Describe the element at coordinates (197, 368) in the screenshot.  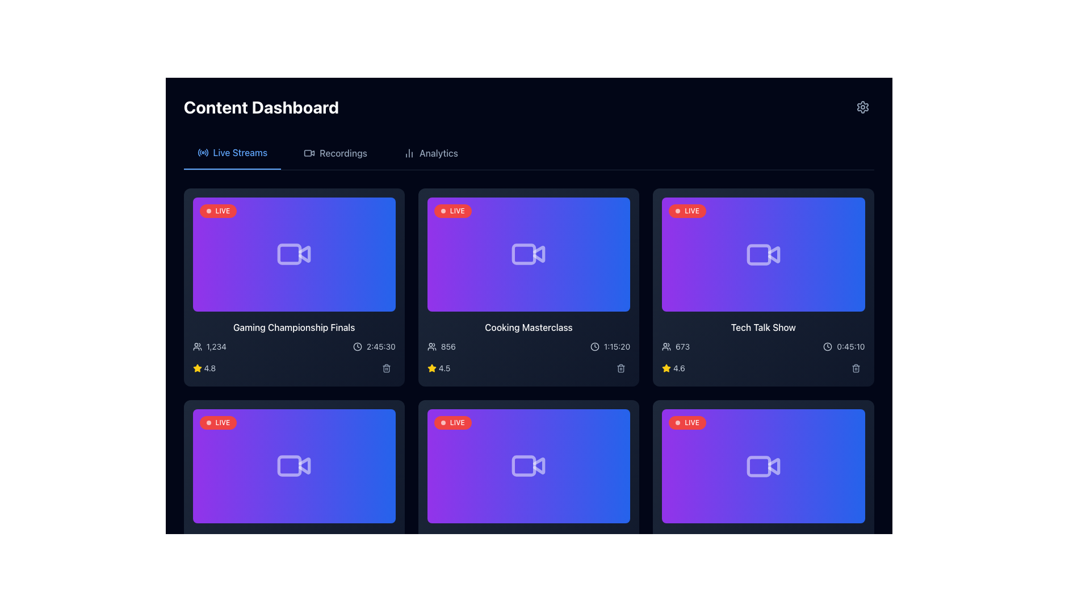
I see `the yellow star-shaped icon located in the bottom-right corner of the video session card` at that location.